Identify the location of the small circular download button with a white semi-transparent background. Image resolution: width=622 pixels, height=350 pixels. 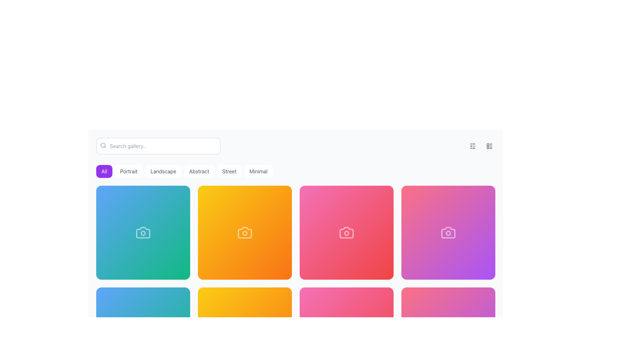
(143, 232).